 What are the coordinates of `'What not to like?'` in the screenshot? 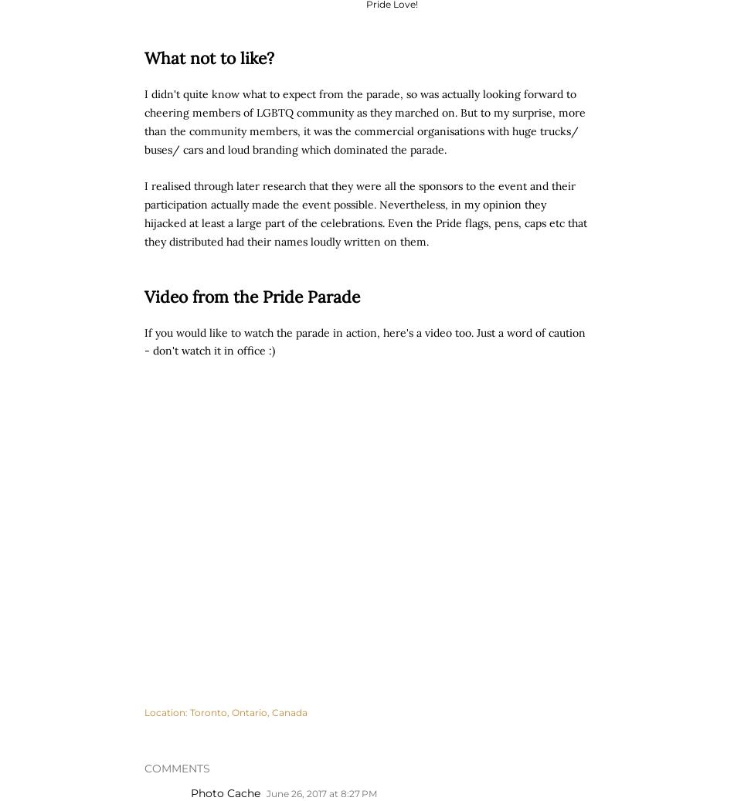 It's located at (209, 57).